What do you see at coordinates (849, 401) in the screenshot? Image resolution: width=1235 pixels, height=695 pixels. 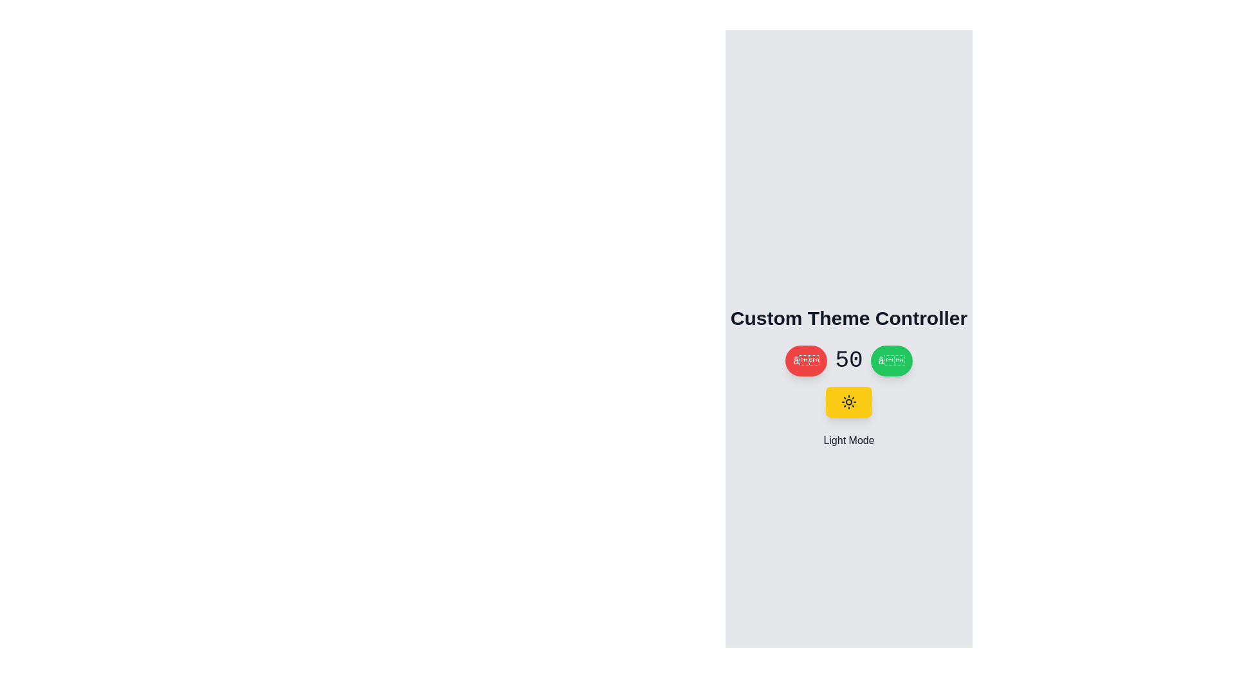 I see `the sun icon, which has a black outline and yellow fill, located in the yellow-shaded rectangle beneath the numerical indicator and above the 'Light Mode' label` at bounding box center [849, 401].